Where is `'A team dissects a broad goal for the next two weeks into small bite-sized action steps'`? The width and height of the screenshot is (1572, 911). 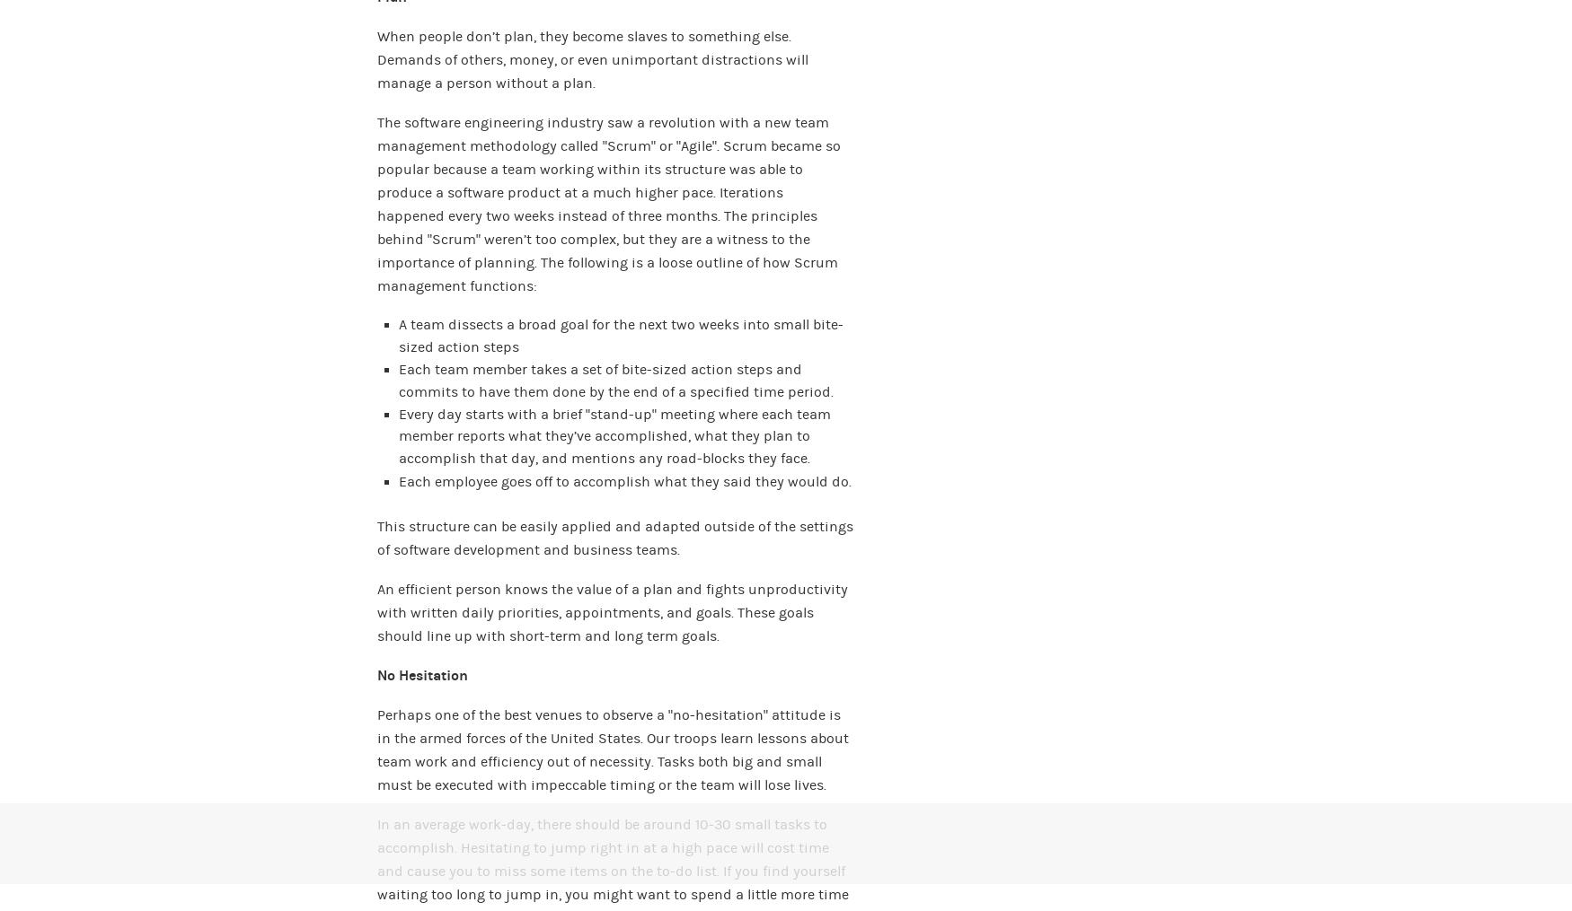 'A team dissects a broad goal for the next two weeks into small bite-sized action steps' is located at coordinates (621, 335).